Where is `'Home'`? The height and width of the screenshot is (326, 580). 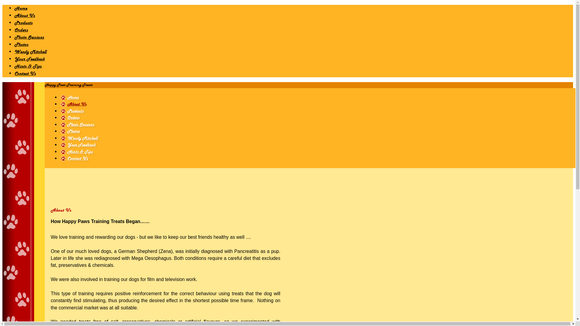 'Home' is located at coordinates (21, 8).